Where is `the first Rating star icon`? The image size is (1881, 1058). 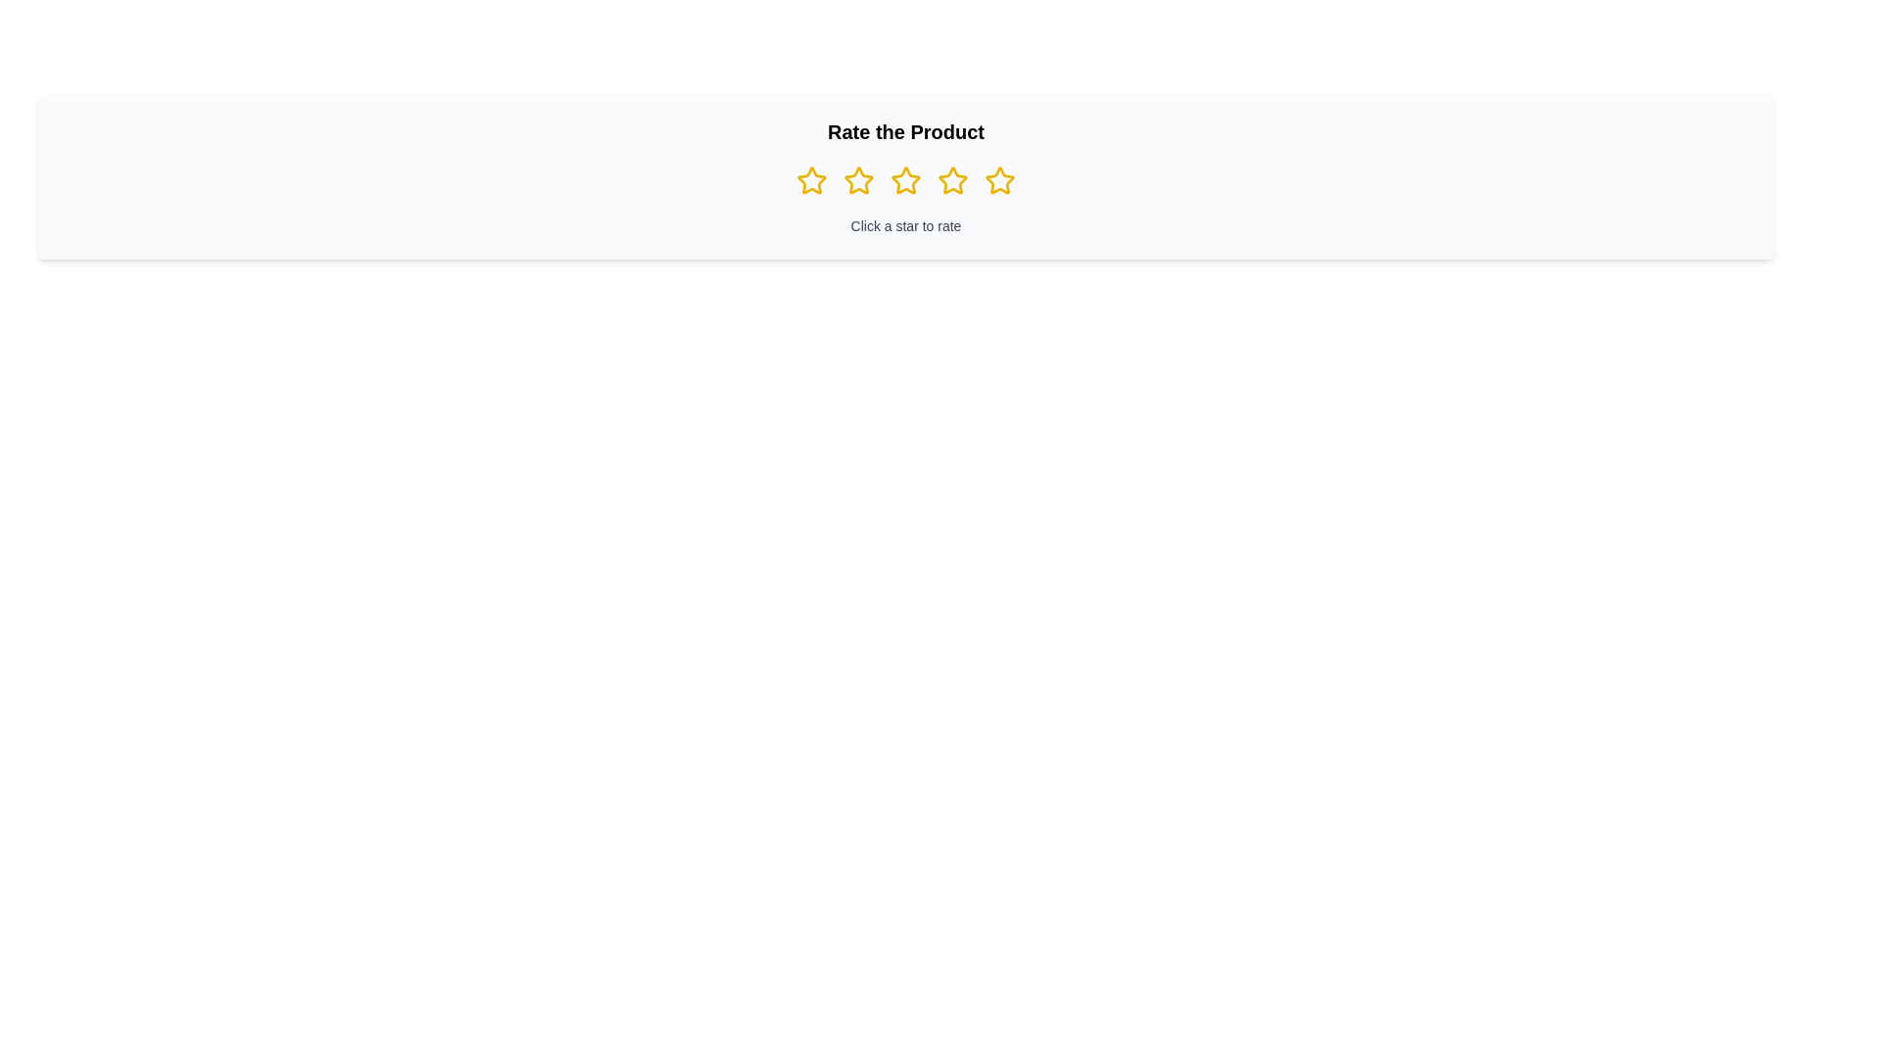 the first Rating star icon is located at coordinates (812, 181).